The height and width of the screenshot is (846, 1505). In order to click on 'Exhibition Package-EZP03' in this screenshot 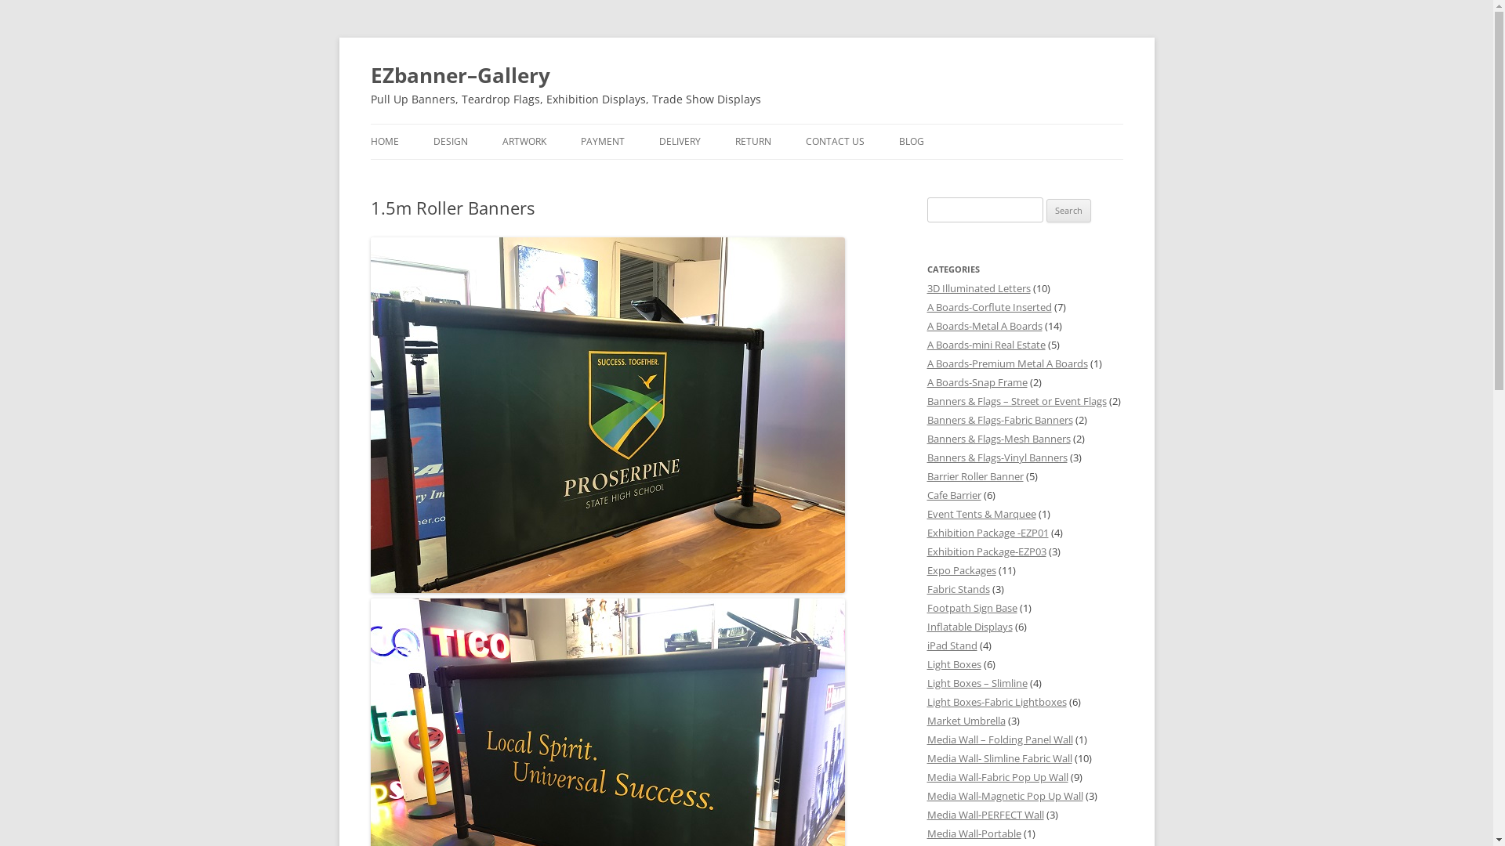, I will do `click(985, 551)`.